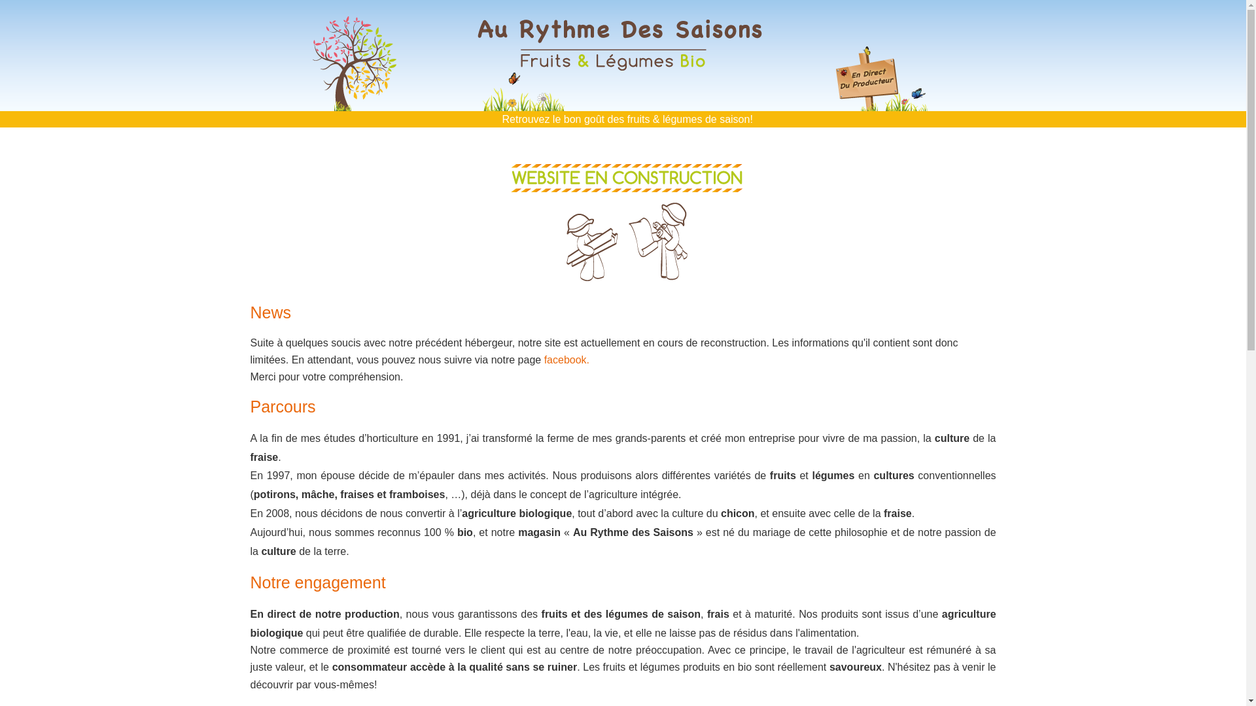 The height and width of the screenshot is (706, 1256). Describe the element at coordinates (567, 360) in the screenshot. I see `'facebook.'` at that location.